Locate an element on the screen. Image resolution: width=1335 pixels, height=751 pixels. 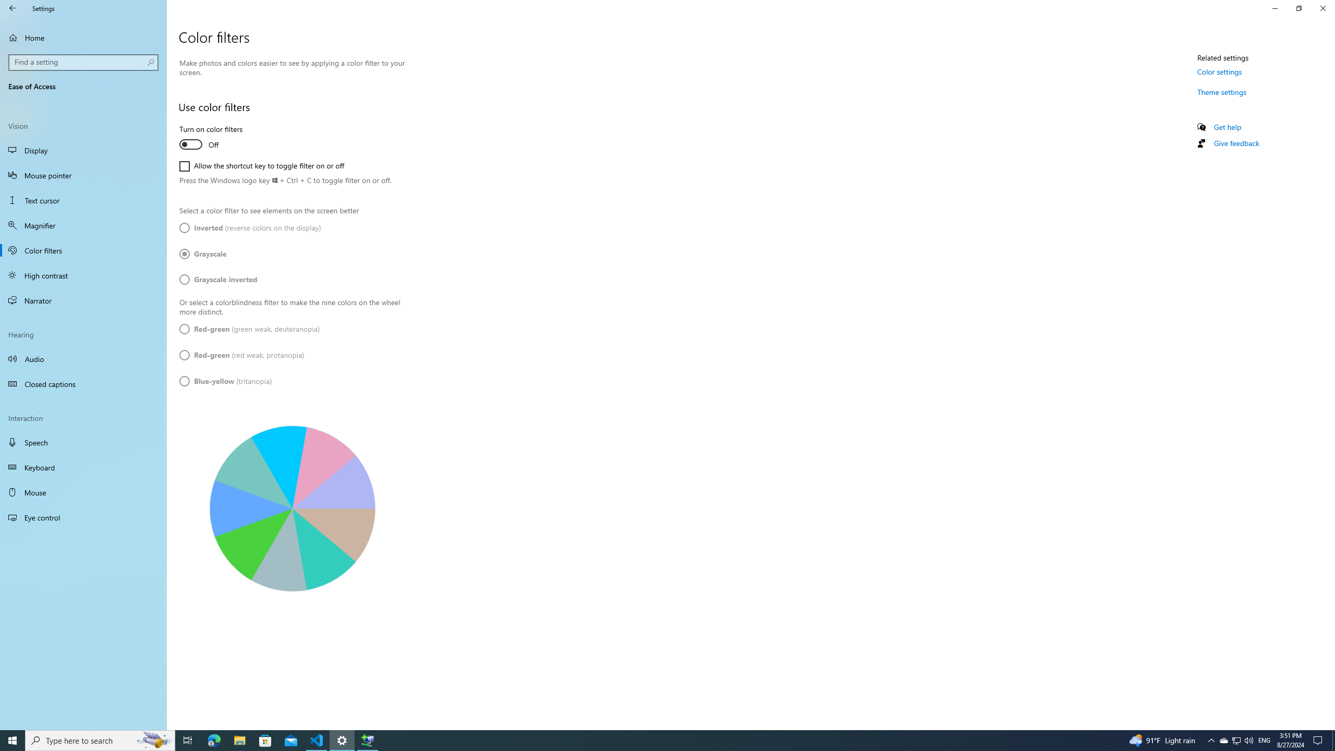
'Inverted (reverse colors on the display)' is located at coordinates (250, 227).